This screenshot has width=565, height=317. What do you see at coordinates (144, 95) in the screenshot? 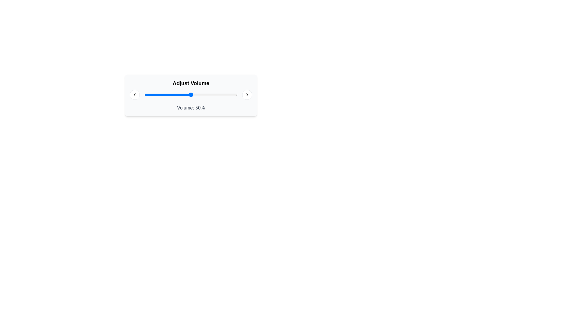
I see `the slider` at bounding box center [144, 95].